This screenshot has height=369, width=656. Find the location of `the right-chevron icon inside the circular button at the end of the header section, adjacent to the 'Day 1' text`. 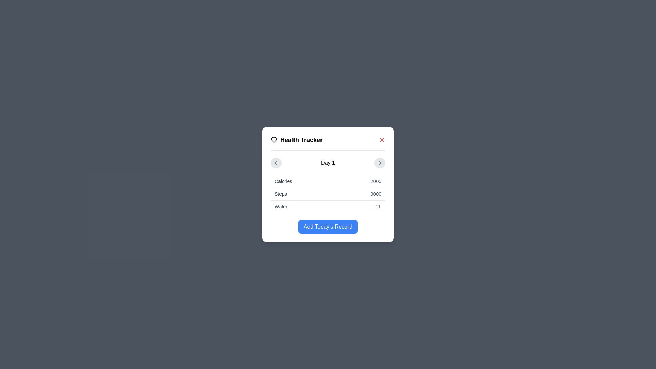

the right-chevron icon inside the circular button at the end of the header section, adjacent to the 'Day 1' text is located at coordinates (380, 163).